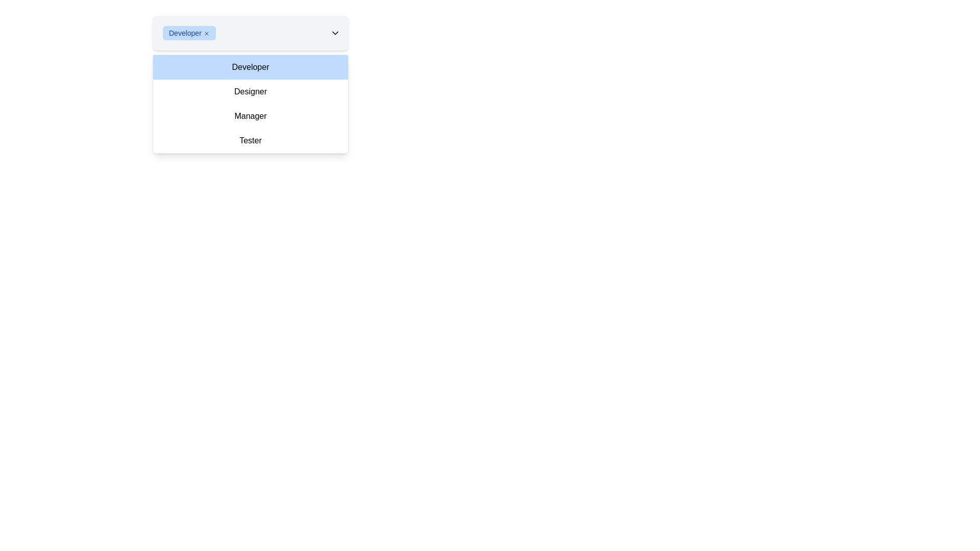  I want to click on the second option in the dropdown menu, so click(250, 92).